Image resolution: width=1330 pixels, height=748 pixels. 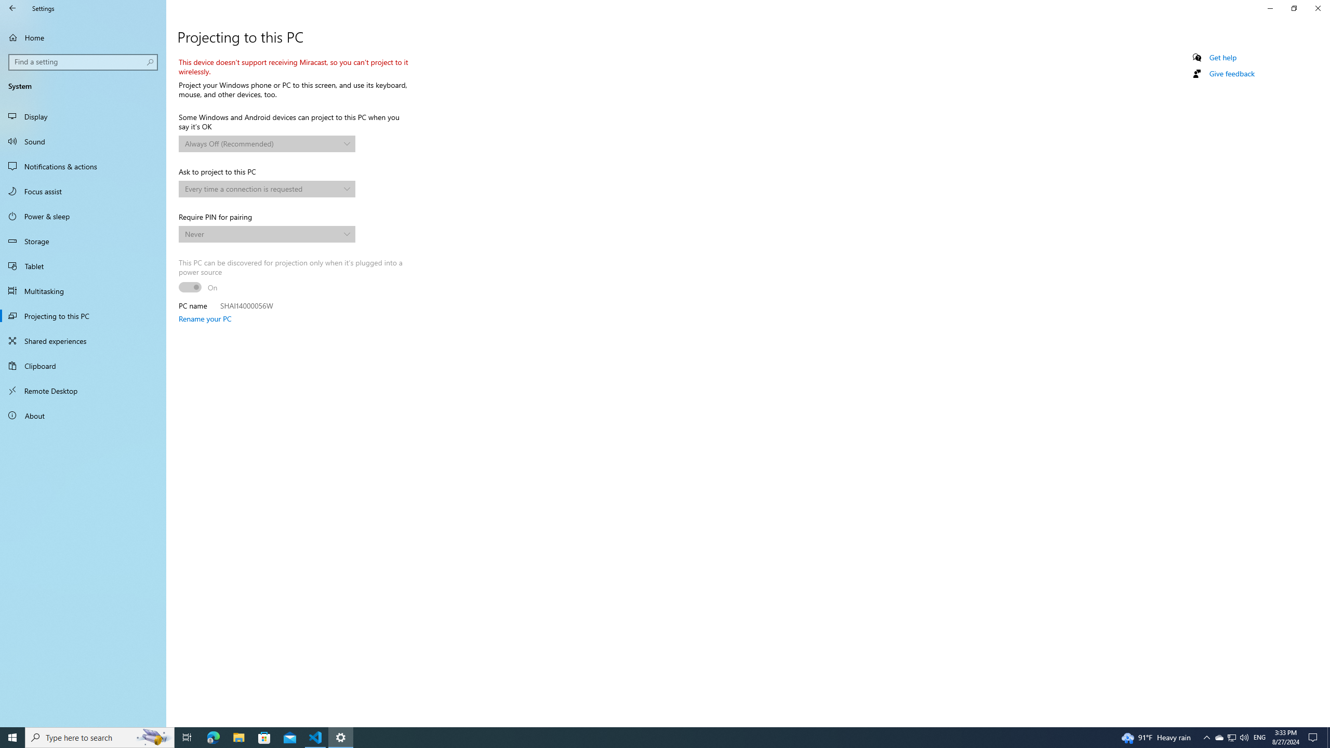 What do you see at coordinates (262, 233) in the screenshot?
I see `'Never'` at bounding box center [262, 233].